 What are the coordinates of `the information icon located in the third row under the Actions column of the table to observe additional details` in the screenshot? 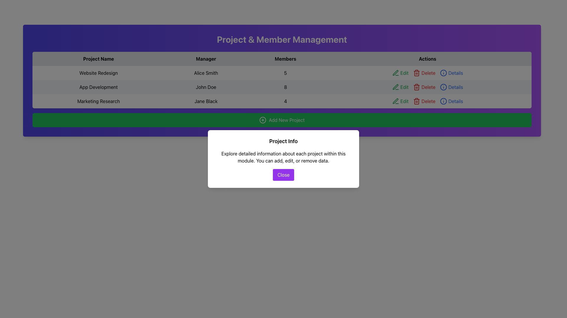 It's located at (444, 87).